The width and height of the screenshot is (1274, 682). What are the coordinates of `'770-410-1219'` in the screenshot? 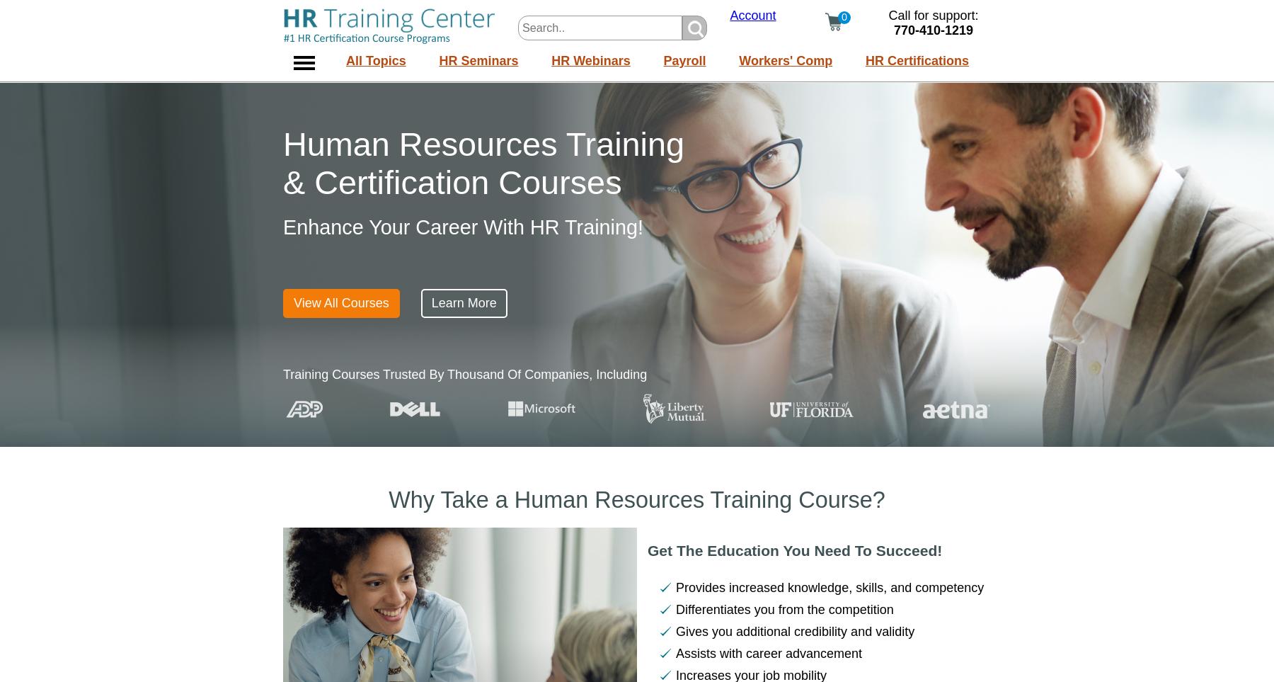 It's located at (933, 30).